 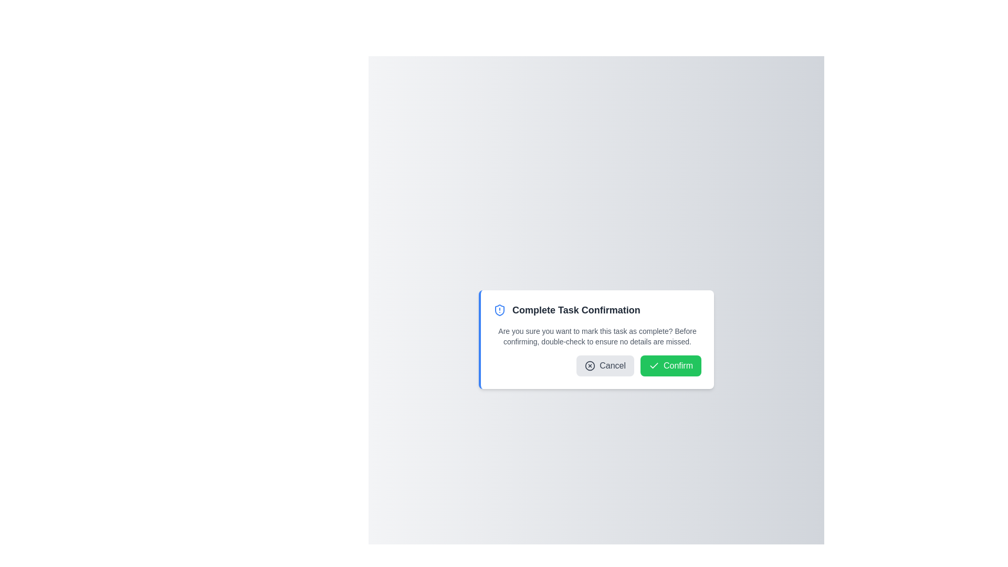 I want to click on the warning icon located to the left of the text 'Complete Task Confirmation' in the modal's title section, so click(x=499, y=309).